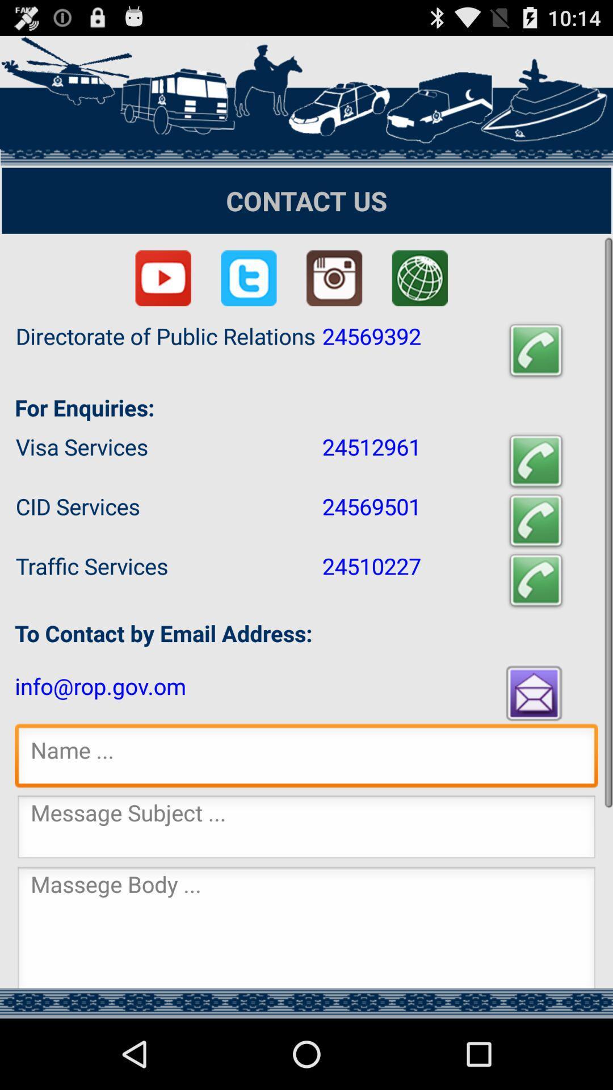  What do you see at coordinates (536, 350) in the screenshot?
I see `call button` at bounding box center [536, 350].